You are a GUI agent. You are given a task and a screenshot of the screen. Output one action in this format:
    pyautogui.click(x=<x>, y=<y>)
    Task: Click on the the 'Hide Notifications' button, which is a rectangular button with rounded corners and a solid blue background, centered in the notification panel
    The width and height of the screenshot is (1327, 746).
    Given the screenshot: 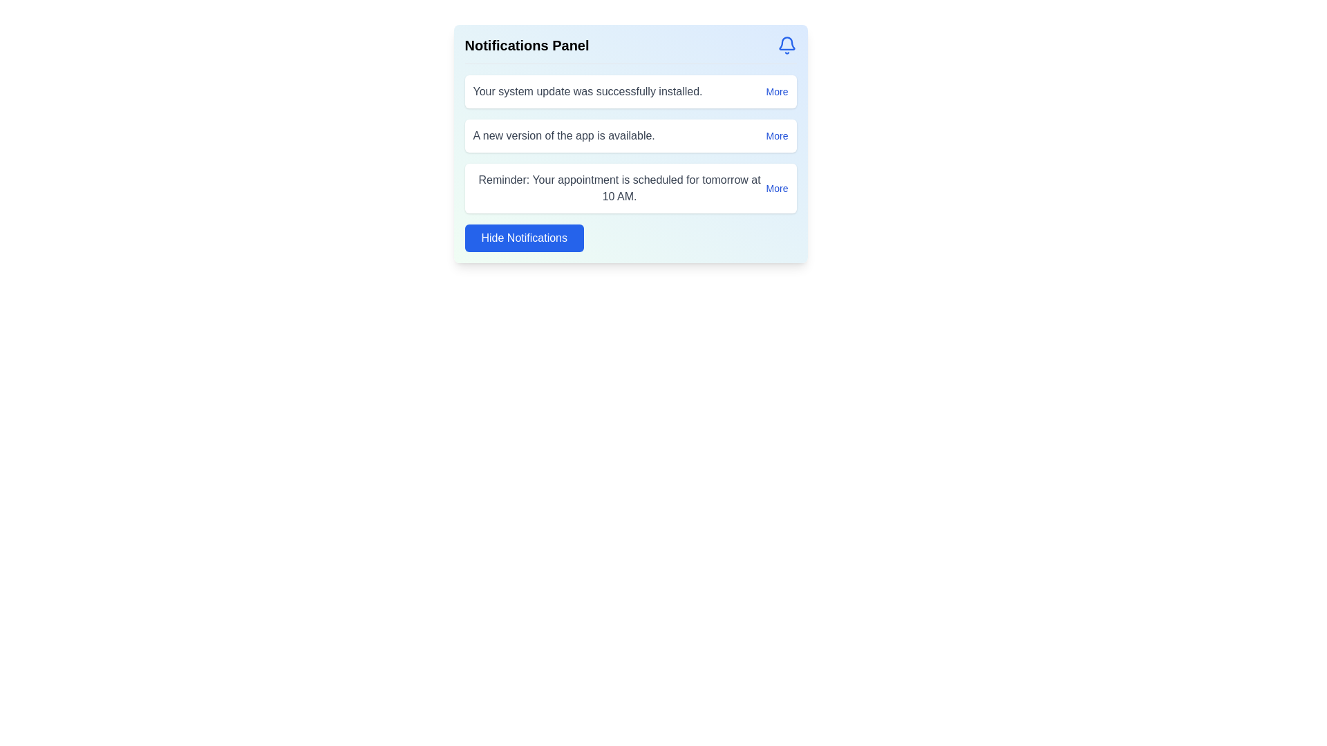 What is the action you would take?
    pyautogui.click(x=523, y=237)
    